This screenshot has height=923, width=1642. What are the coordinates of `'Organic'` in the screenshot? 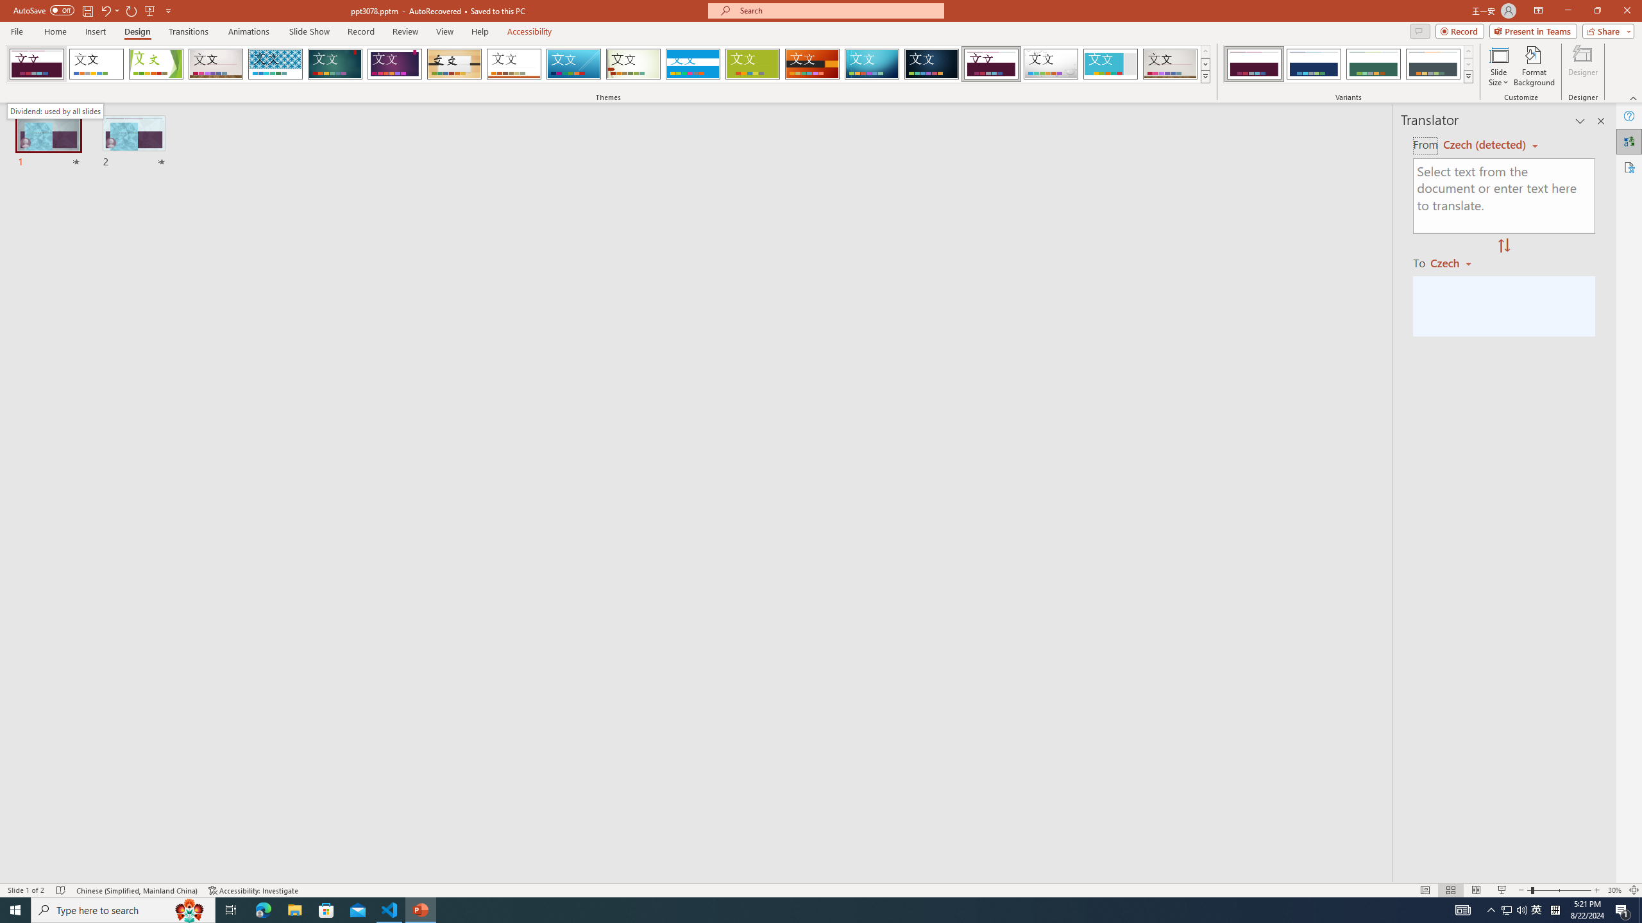 It's located at (455, 63).